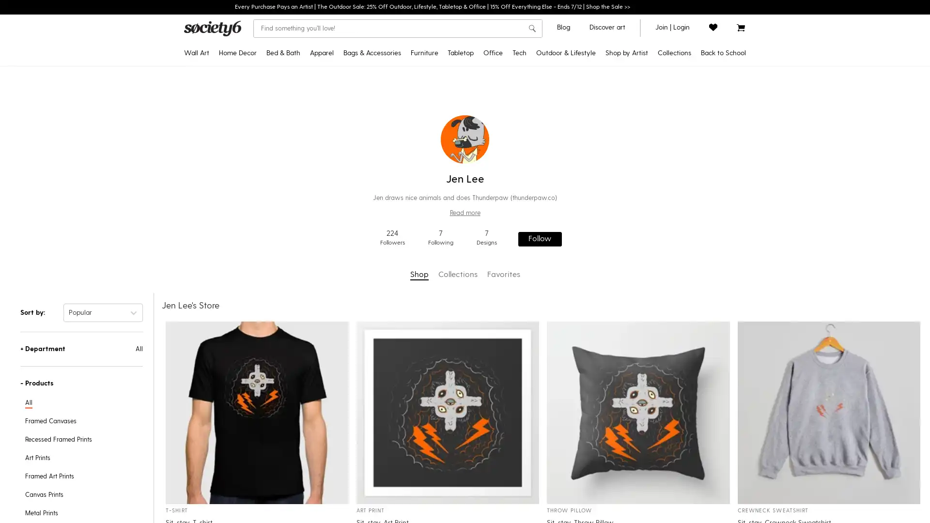 The width and height of the screenshot is (930, 523). What do you see at coordinates (517, 140) in the screenshot?
I see `Acrylic Trays` at bounding box center [517, 140].